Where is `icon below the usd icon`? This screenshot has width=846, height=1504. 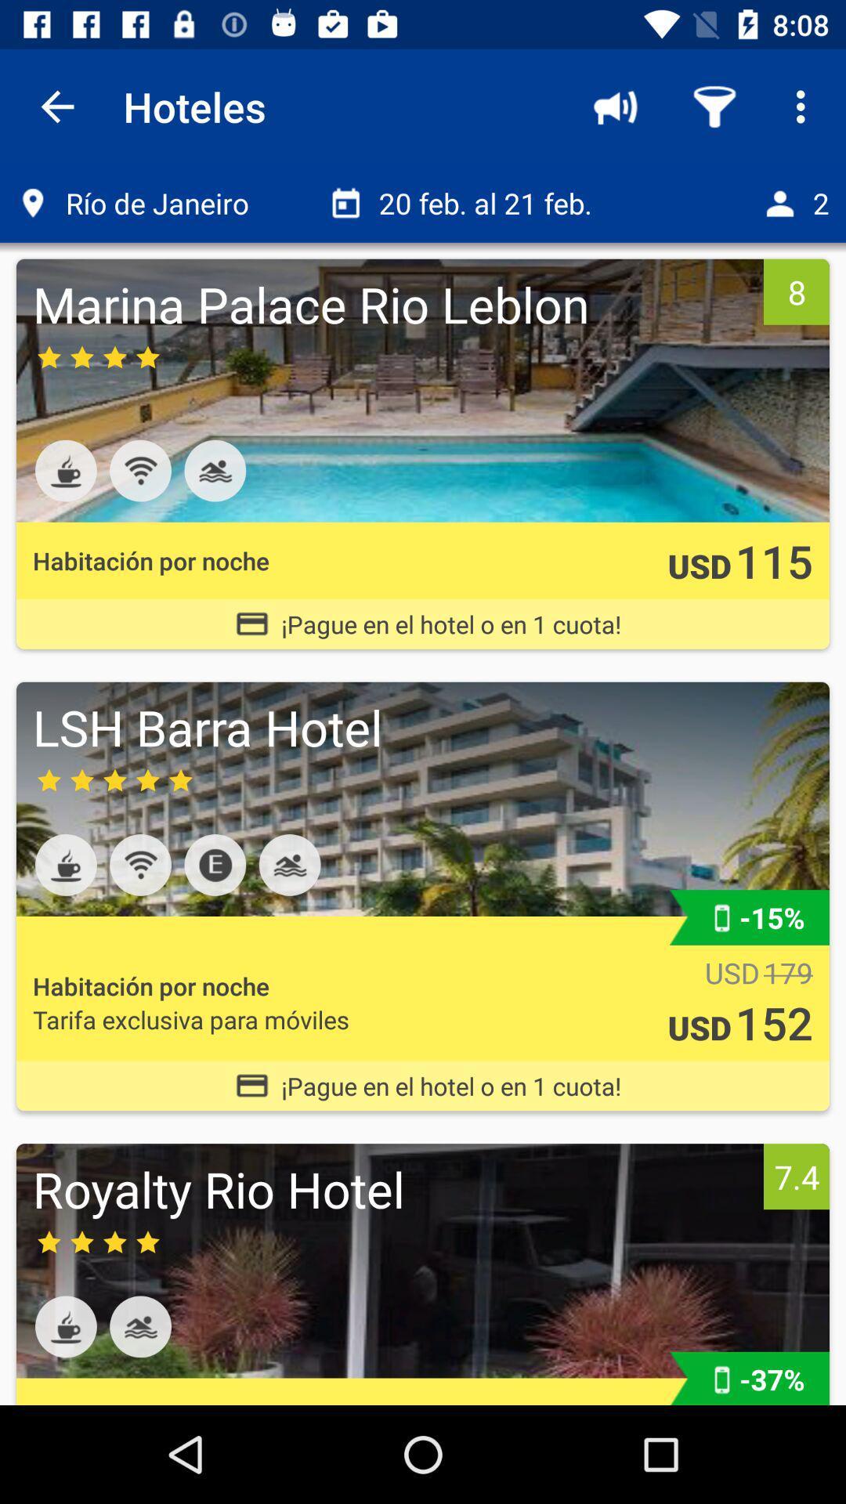
icon below the usd icon is located at coordinates (773, 1022).